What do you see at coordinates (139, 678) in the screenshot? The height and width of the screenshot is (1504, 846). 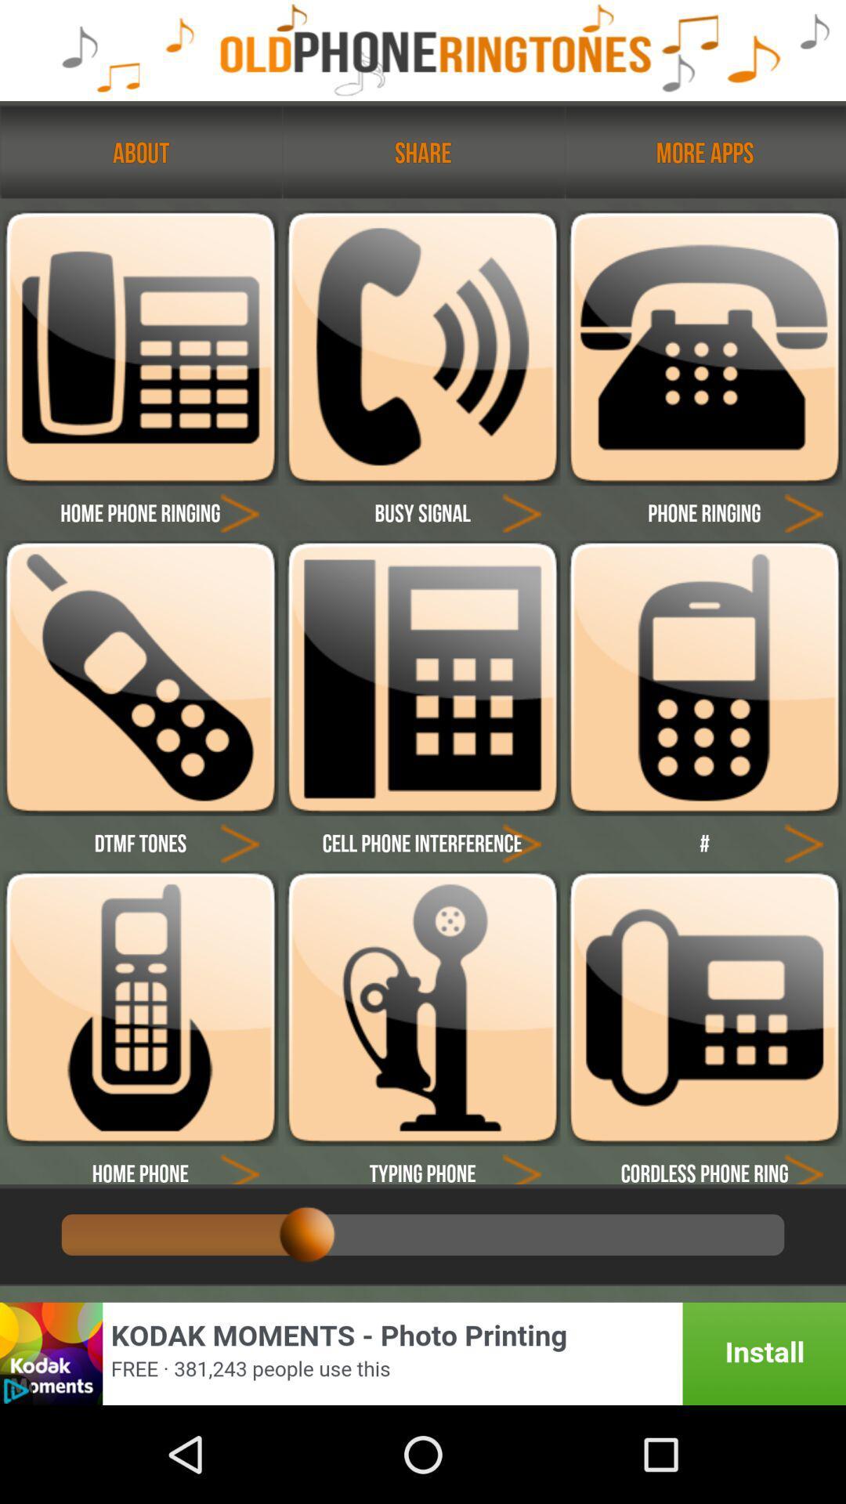 I see `dtmf tones` at bounding box center [139, 678].